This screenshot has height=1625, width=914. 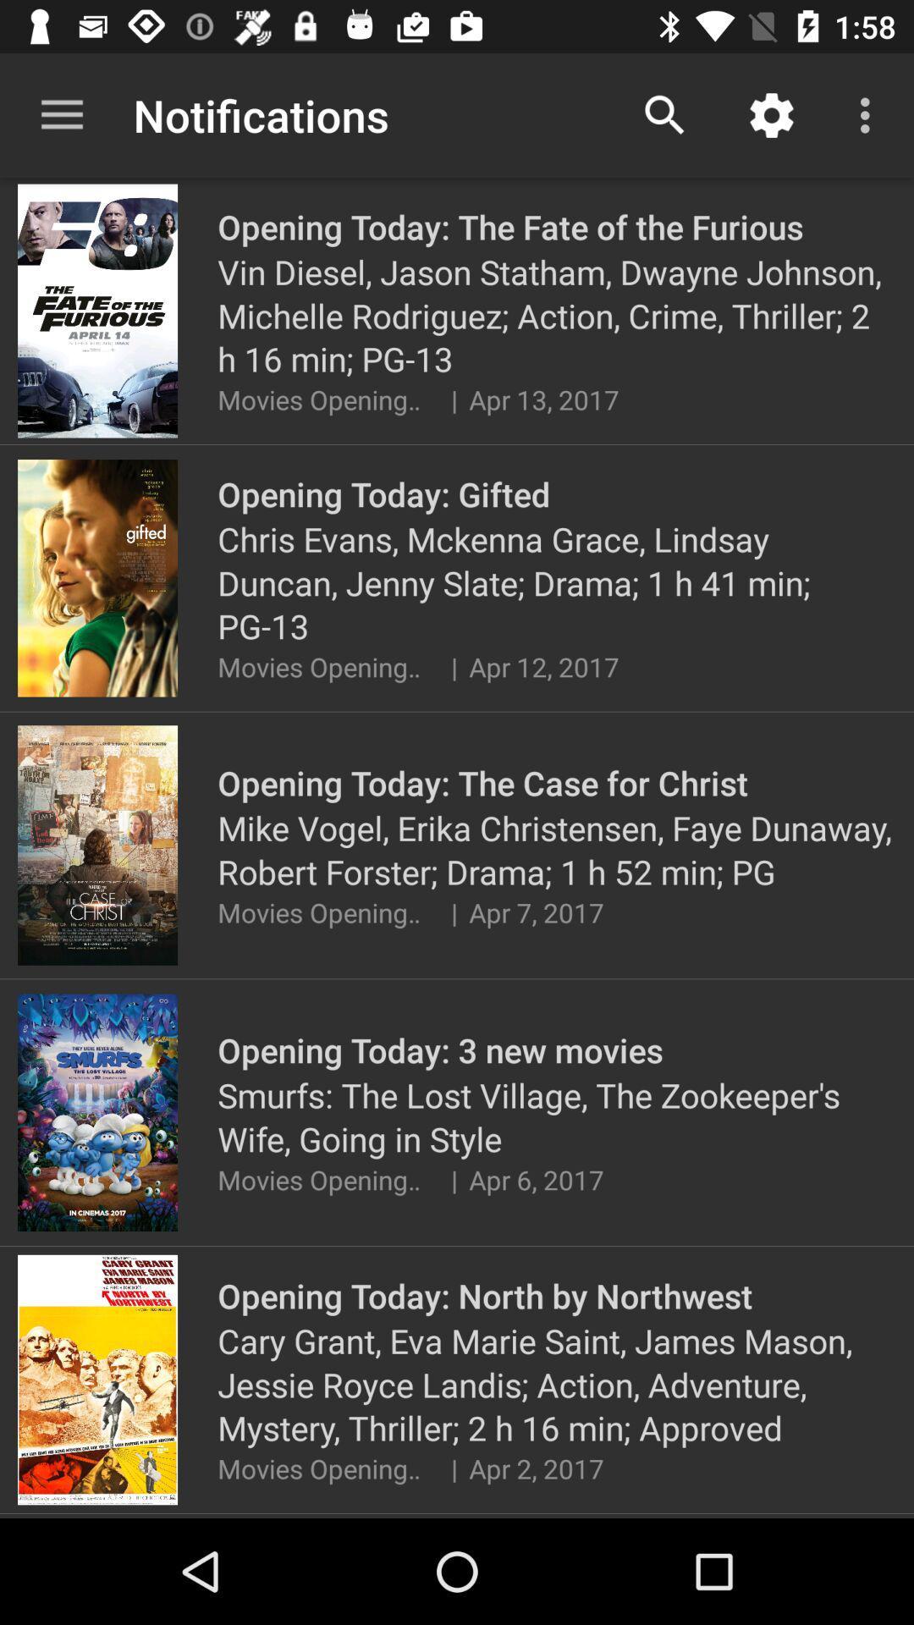 What do you see at coordinates (869, 114) in the screenshot?
I see `the icon above the vin diesel jason` at bounding box center [869, 114].